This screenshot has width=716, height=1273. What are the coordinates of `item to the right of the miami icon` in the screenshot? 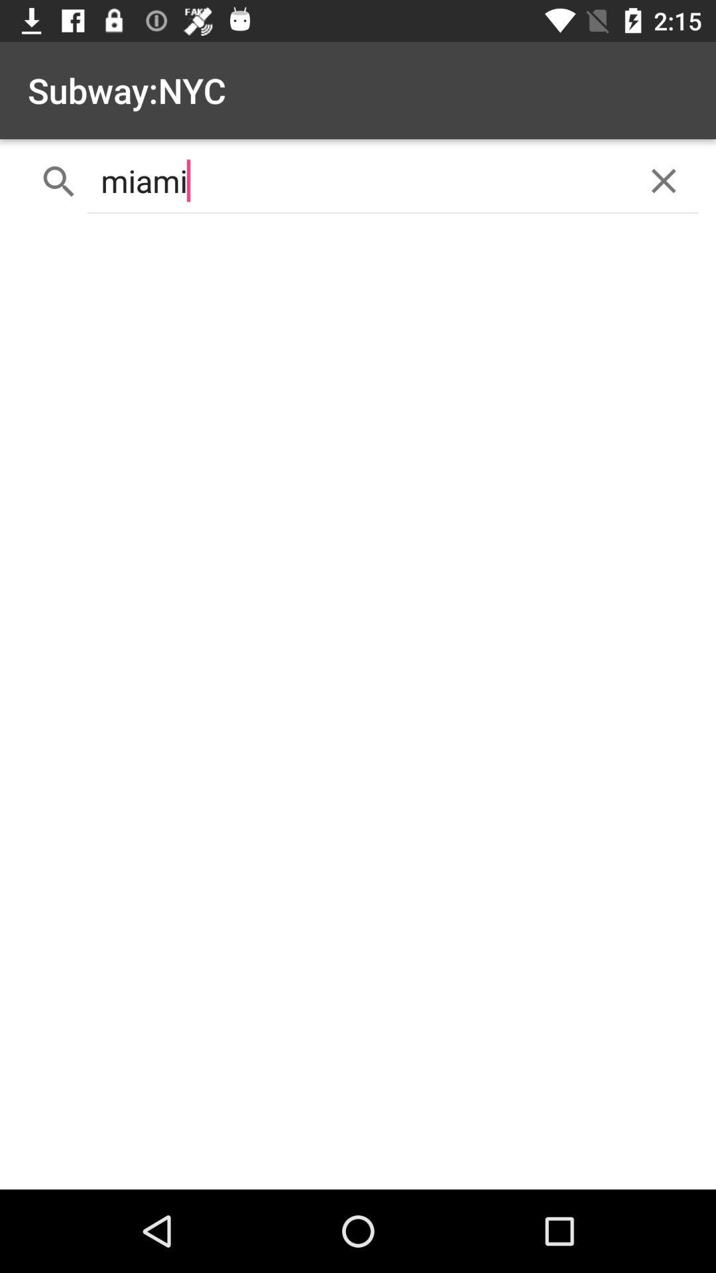 It's located at (664, 180).